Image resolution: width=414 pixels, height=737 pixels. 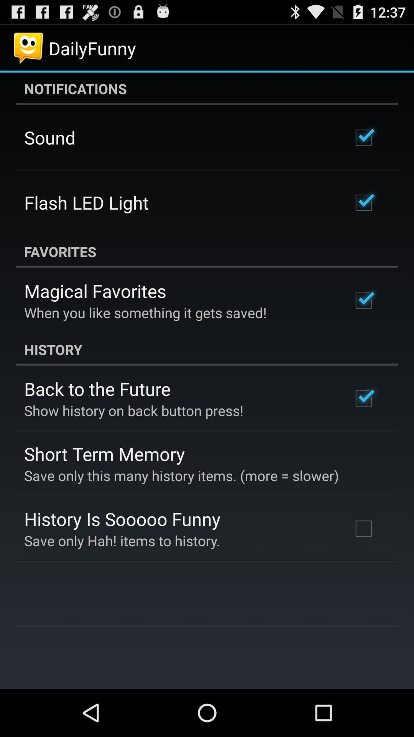 What do you see at coordinates (207, 88) in the screenshot?
I see `the notifications` at bounding box center [207, 88].